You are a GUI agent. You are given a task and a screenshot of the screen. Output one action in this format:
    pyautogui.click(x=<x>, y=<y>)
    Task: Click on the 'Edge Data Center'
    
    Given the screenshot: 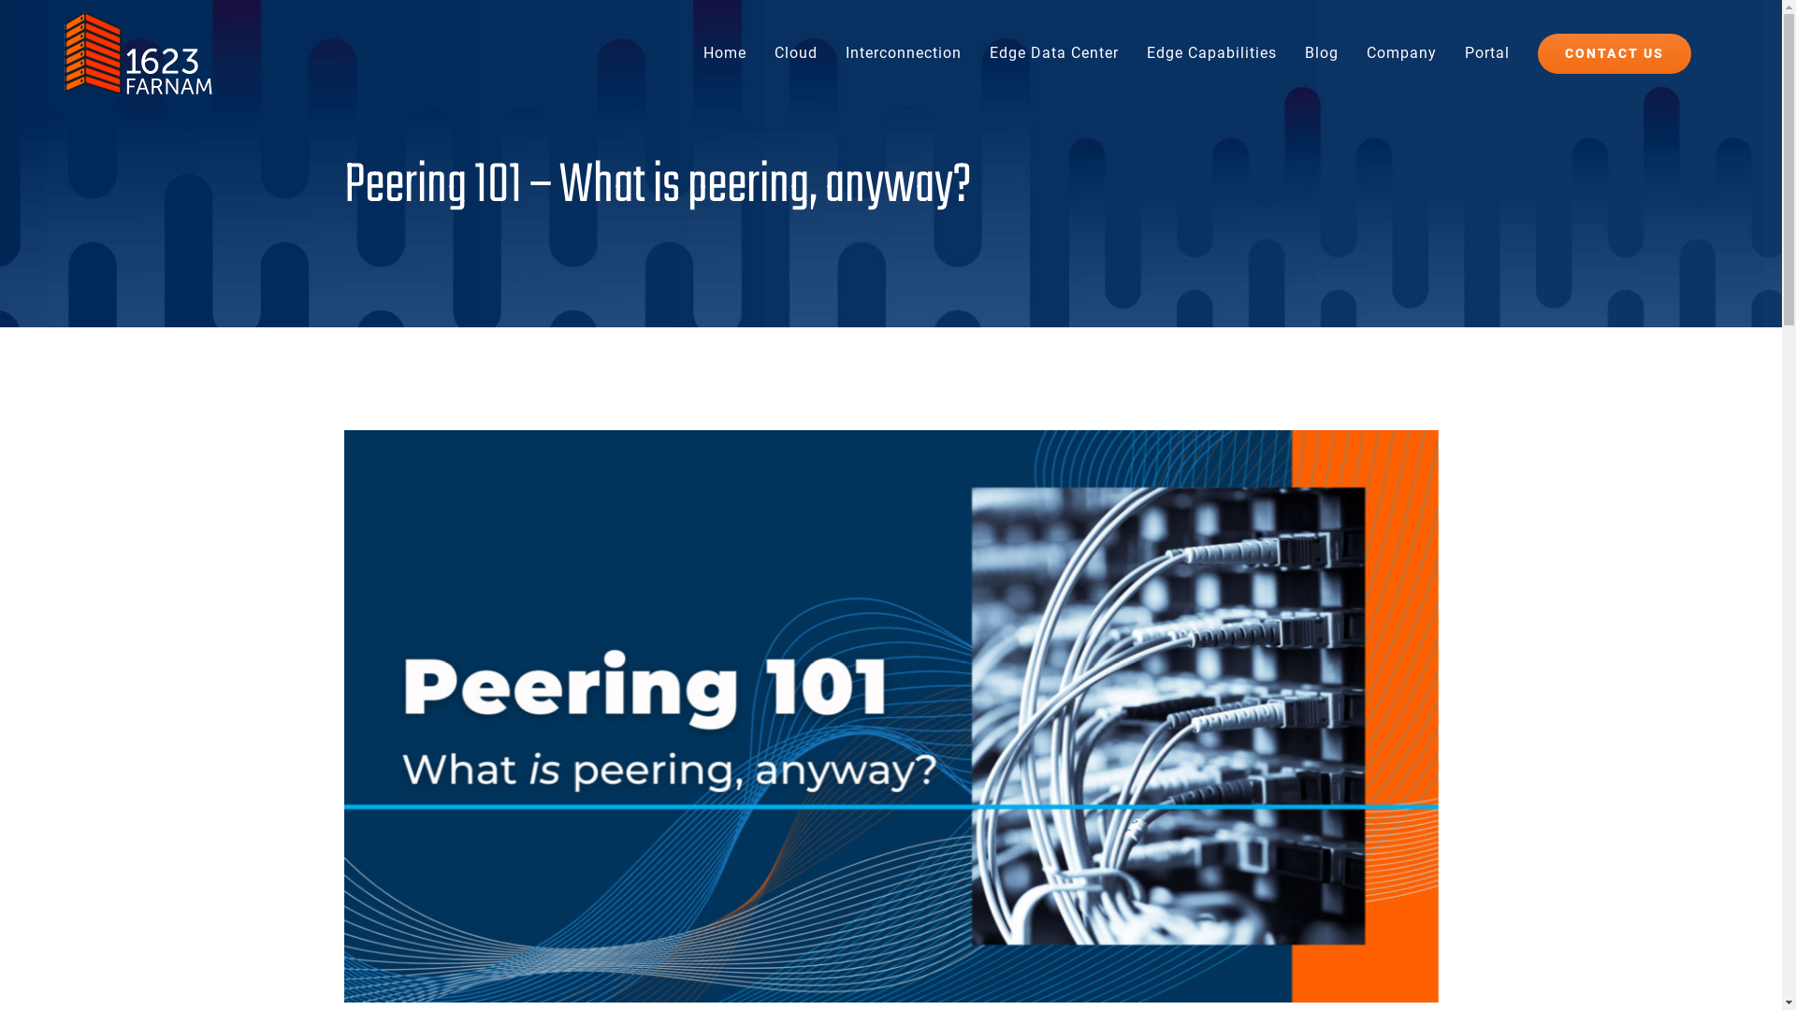 What is the action you would take?
    pyautogui.click(x=1054, y=52)
    